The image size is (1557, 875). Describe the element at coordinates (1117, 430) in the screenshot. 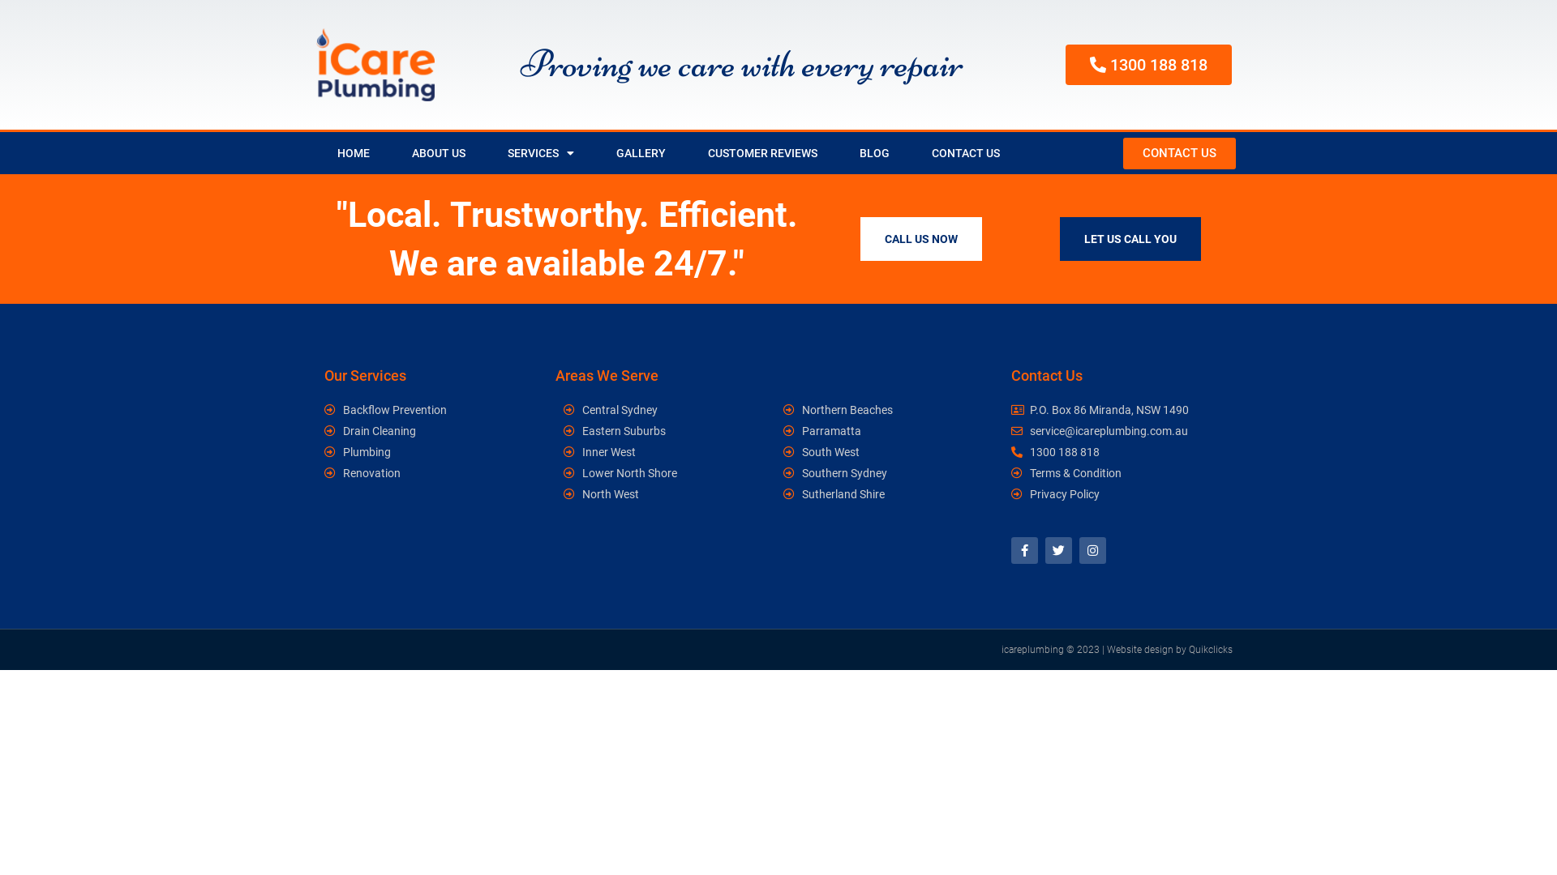

I see `'service@icareplumbing.com.au'` at that location.